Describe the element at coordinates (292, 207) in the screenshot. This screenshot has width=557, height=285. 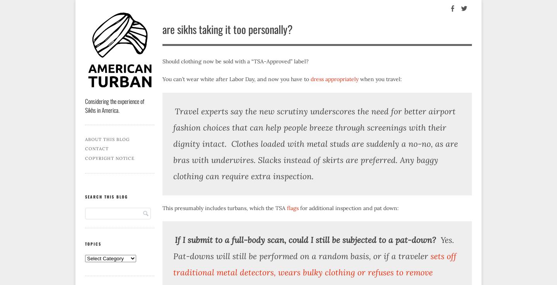
I see `'flags'` at that location.